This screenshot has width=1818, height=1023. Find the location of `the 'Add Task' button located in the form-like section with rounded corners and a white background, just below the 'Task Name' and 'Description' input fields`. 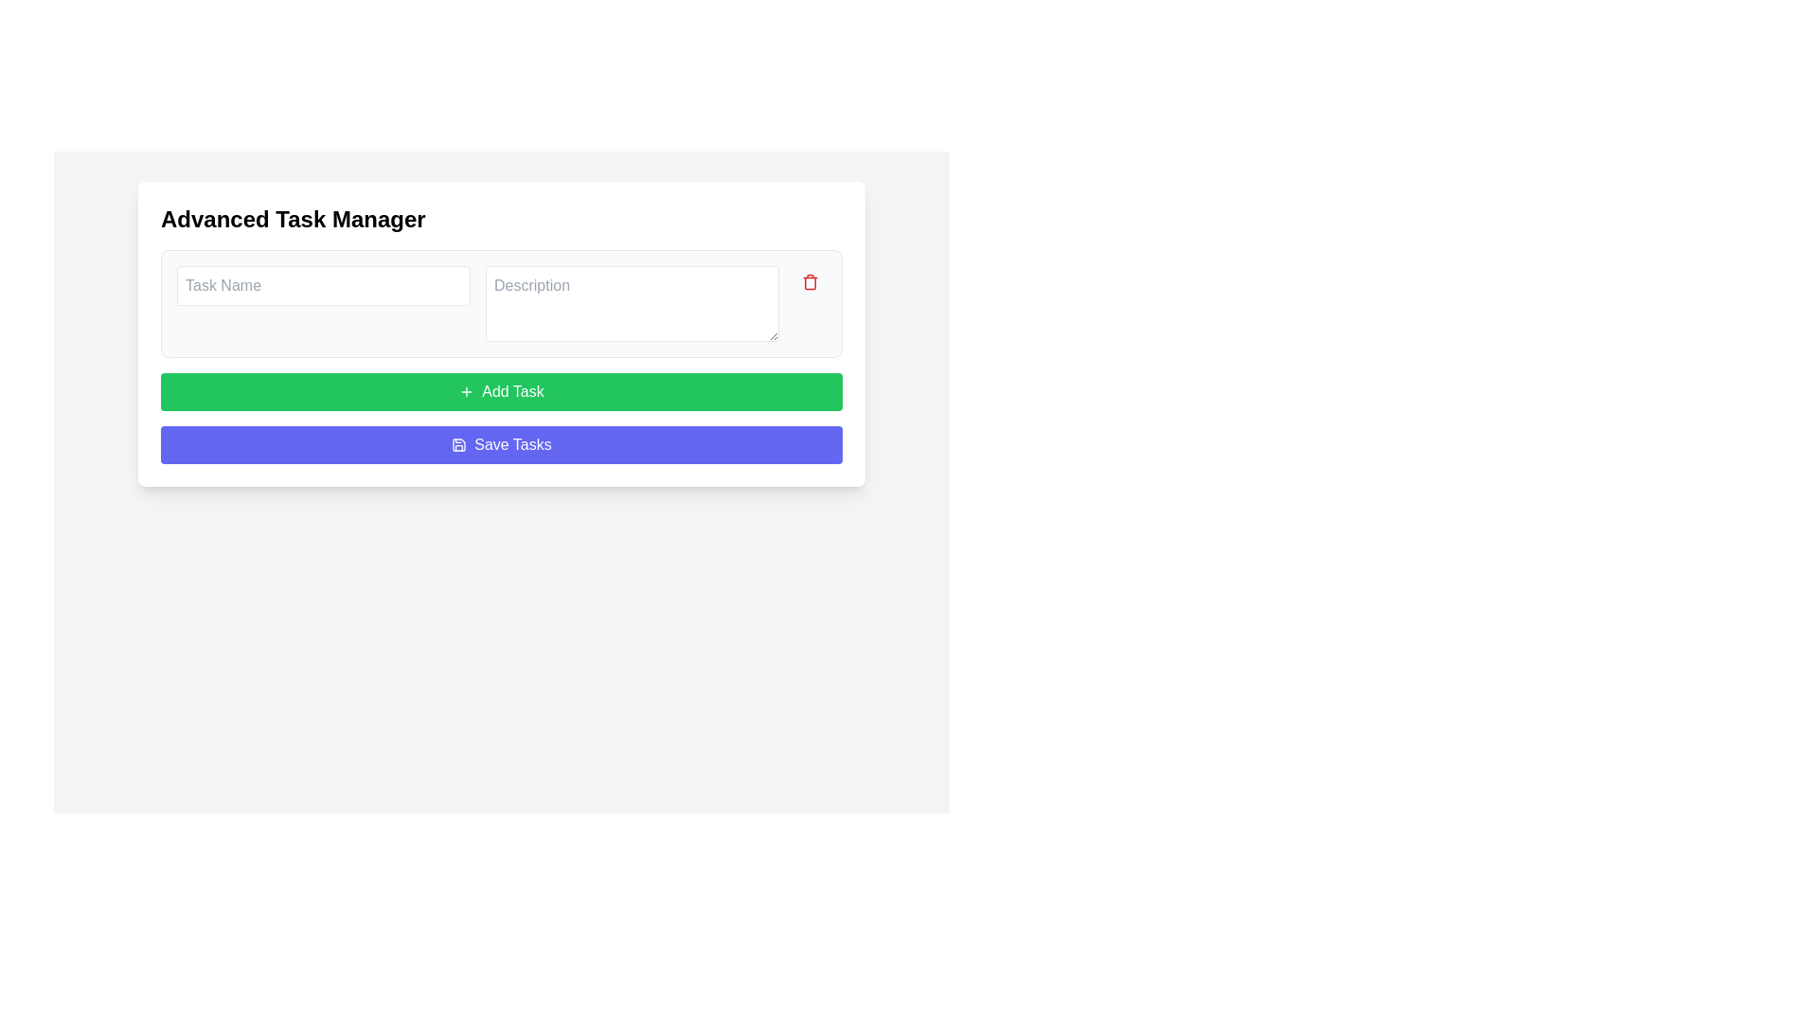

the 'Add Task' button located in the form-like section with rounded corners and a white background, just below the 'Task Name' and 'Description' input fields is located at coordinates (501, 333).